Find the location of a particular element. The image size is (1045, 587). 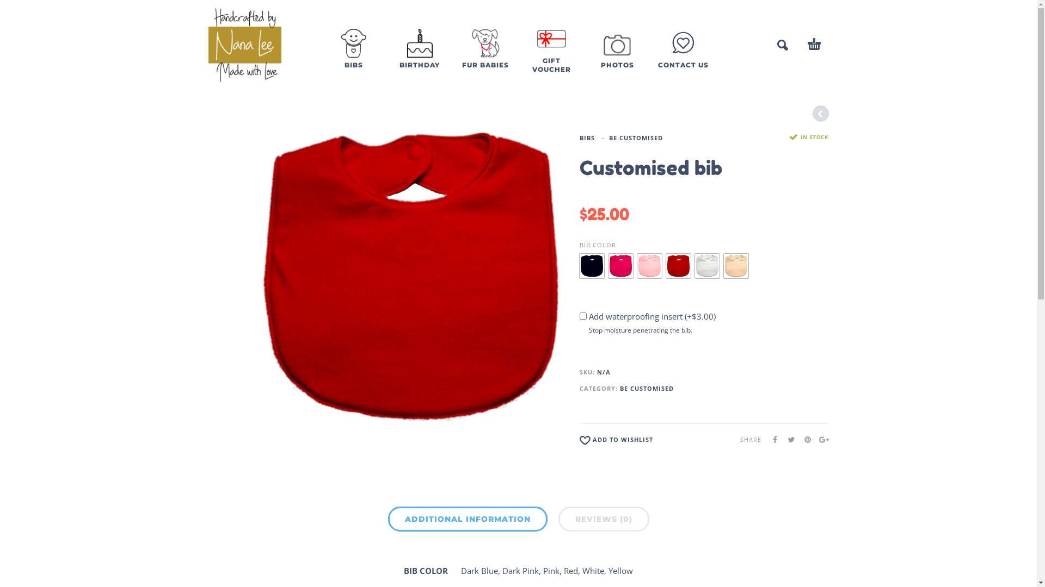

'Dark Blue' is located at coordinates (591, 266).